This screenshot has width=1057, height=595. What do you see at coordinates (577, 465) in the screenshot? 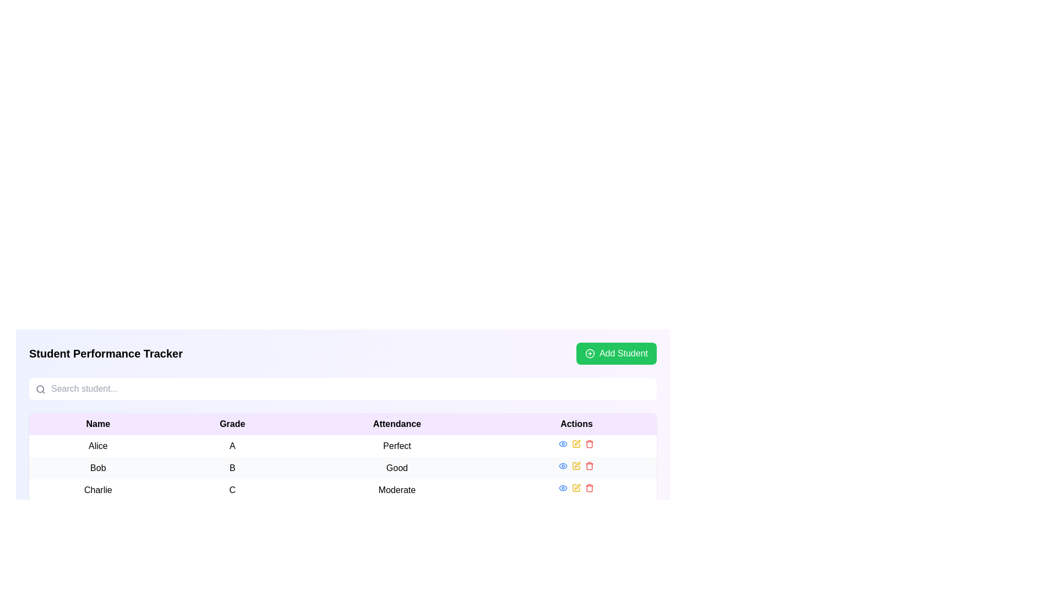
I see `the edit icon button in the 'Actions' column of the data table to initiate edit mode for the student record of 'Bob'` at bounding box center [577, 465].